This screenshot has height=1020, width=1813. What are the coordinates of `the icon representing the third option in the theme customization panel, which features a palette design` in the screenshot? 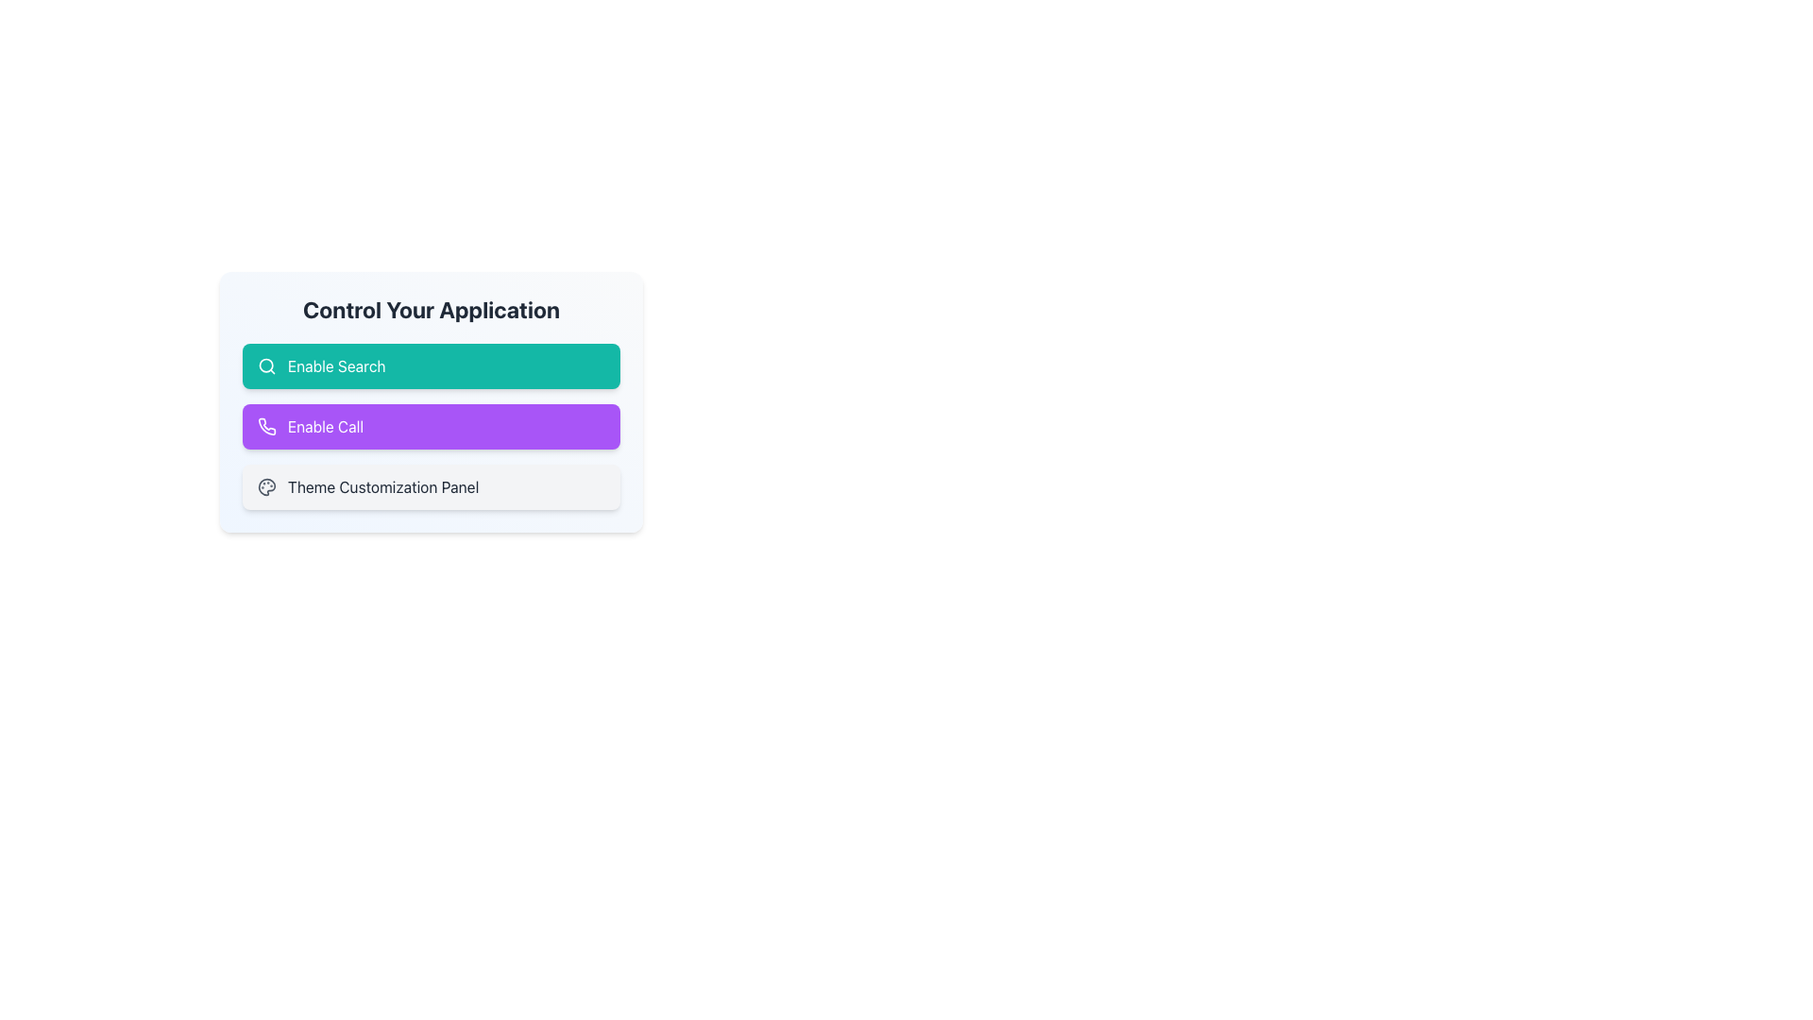 It's located at (266, 486).